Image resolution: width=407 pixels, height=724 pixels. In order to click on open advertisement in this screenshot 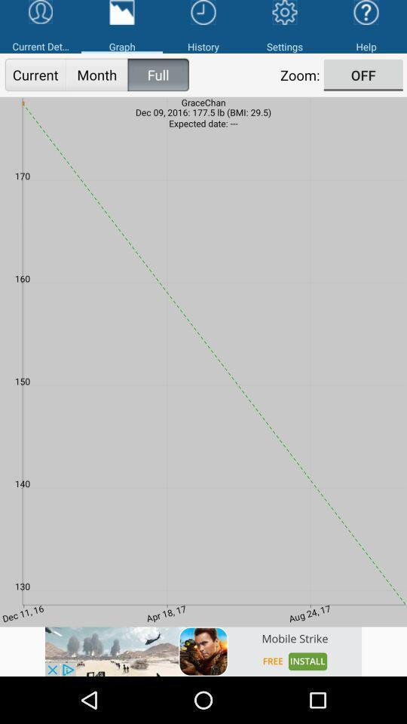, I will do `click(203, 651)`.